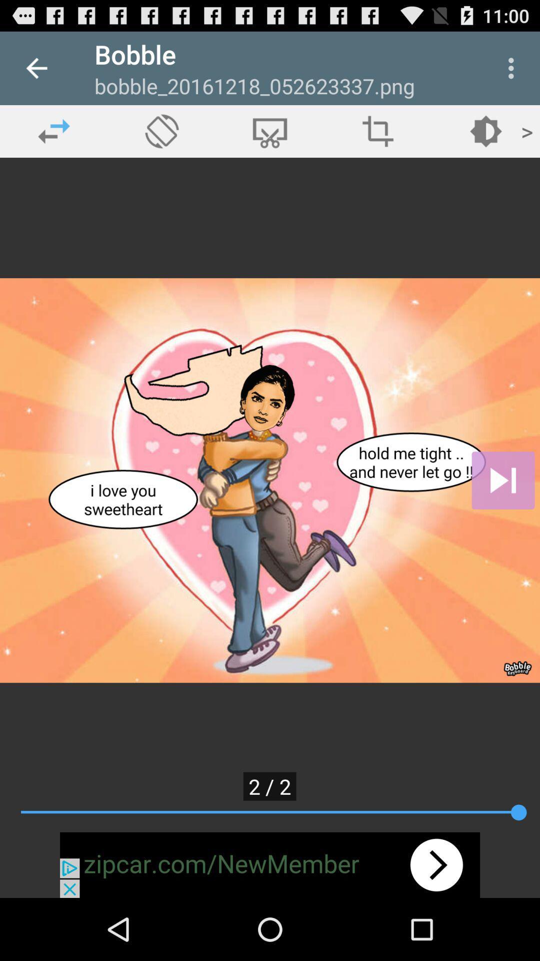  I want to click on the explore icon, so click(161, 131).